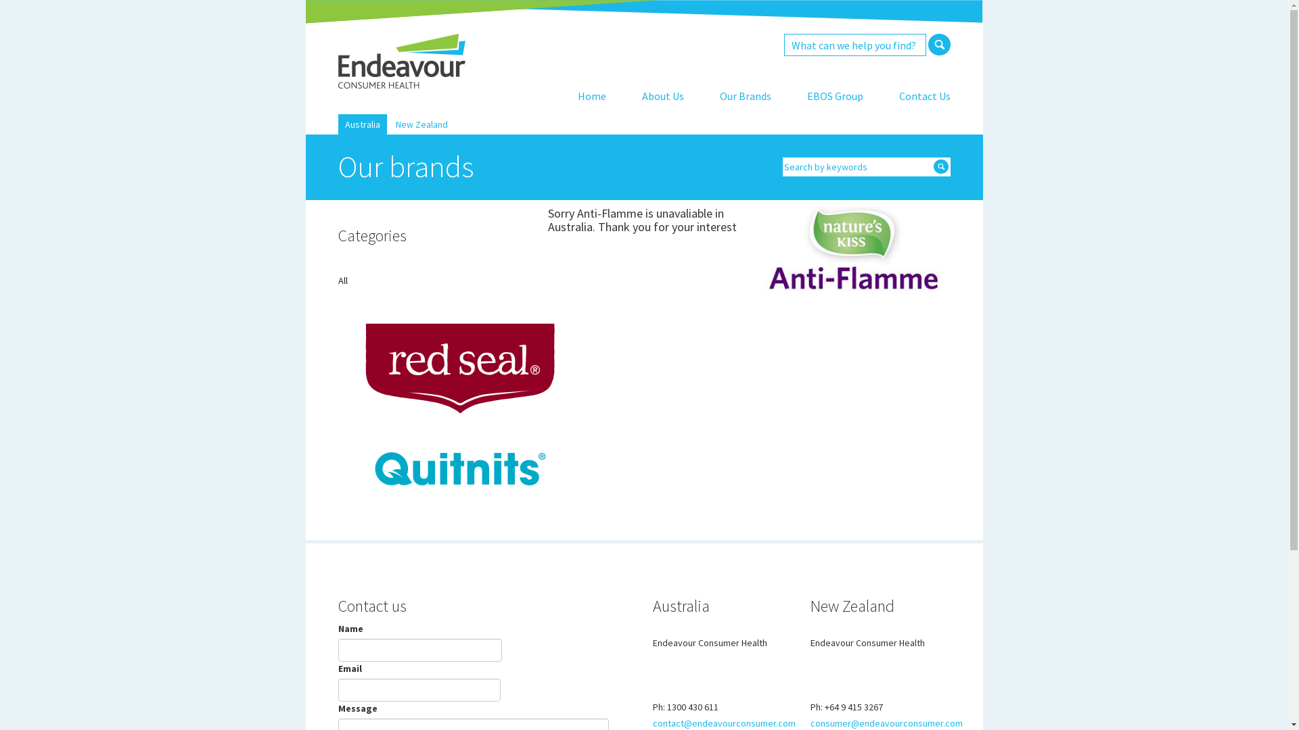  What do you see at coordinates (344, 124) in the screenshot?
I see `'Australia'` at bounding box center [344, 124].